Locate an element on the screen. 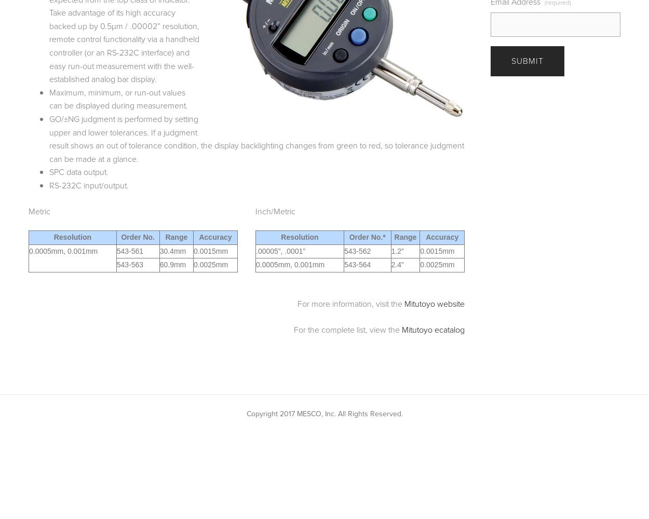 This screenshot has width=649, height=519. 'Metric' is located at coordinates (29, 211).